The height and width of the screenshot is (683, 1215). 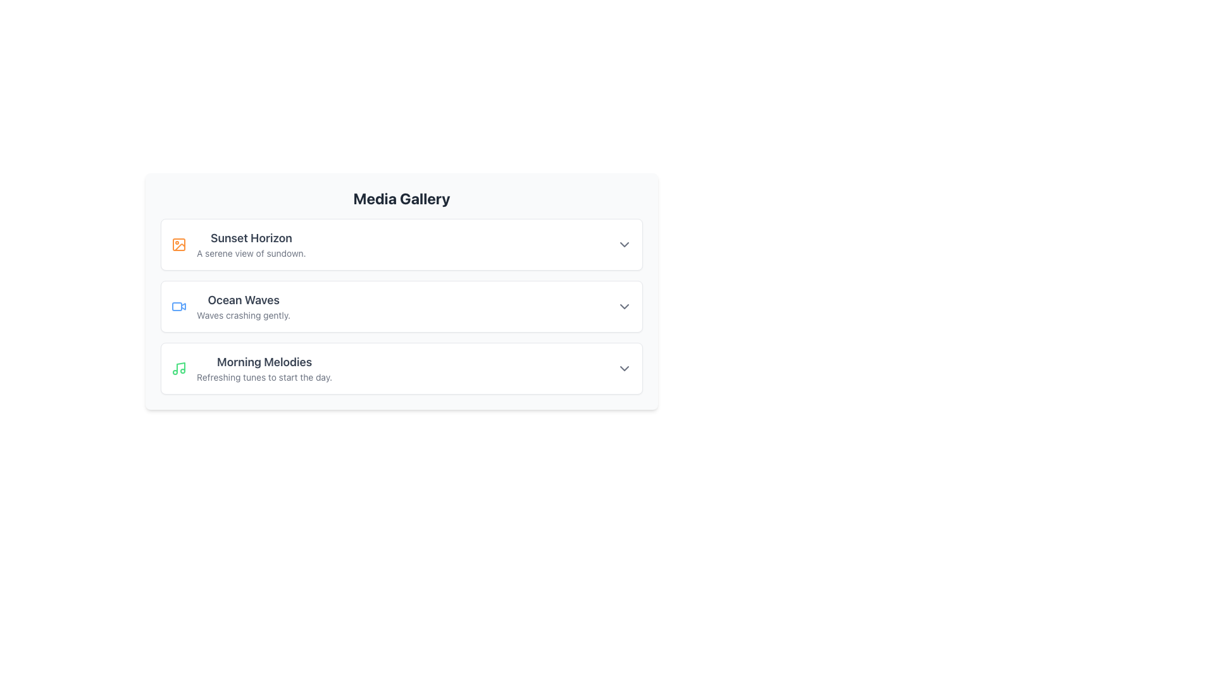 What do you see at coordinates (182, 305) in the screenshot?
I see `the triangular-shaped portion of the video camera icon located before the 'Ocean Waves' label in the media gallery` at bounding box center [182, 305].